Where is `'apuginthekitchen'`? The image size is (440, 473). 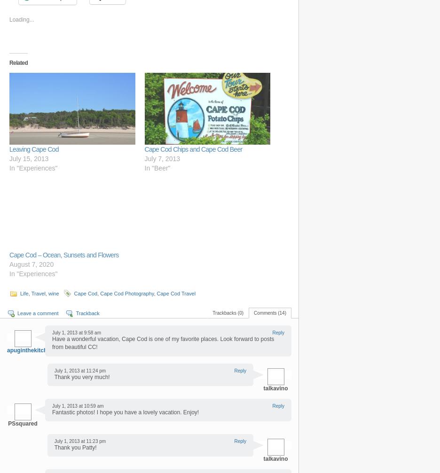
'apuginthekitchen' is located at coordinates (30, 349).